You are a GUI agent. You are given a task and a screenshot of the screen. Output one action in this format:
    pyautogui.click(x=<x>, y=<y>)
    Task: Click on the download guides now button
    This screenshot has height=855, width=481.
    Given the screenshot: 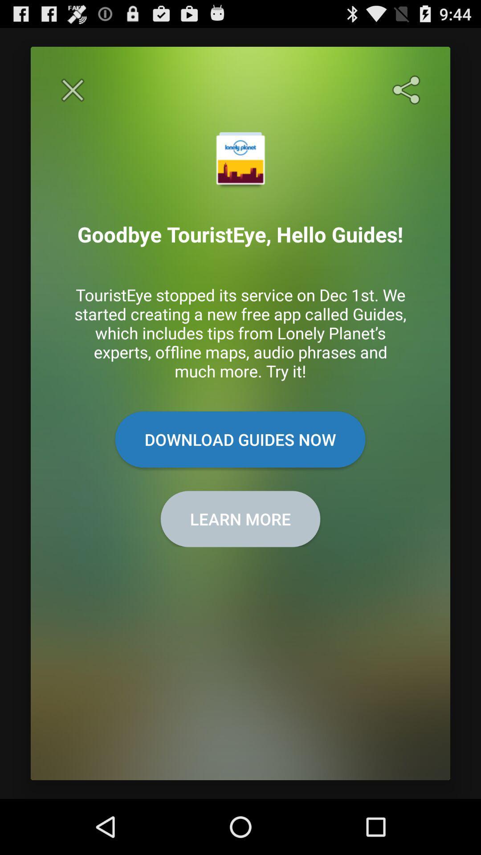 What is the action you would take?
    pyautogui.click(x=240, y=440)
    